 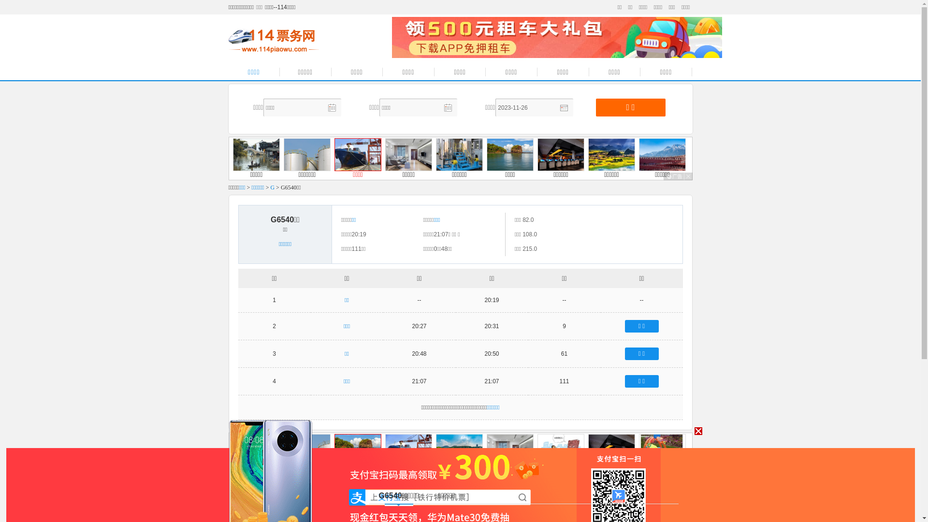 I want to click on 'G', so click(x=272, y=188).